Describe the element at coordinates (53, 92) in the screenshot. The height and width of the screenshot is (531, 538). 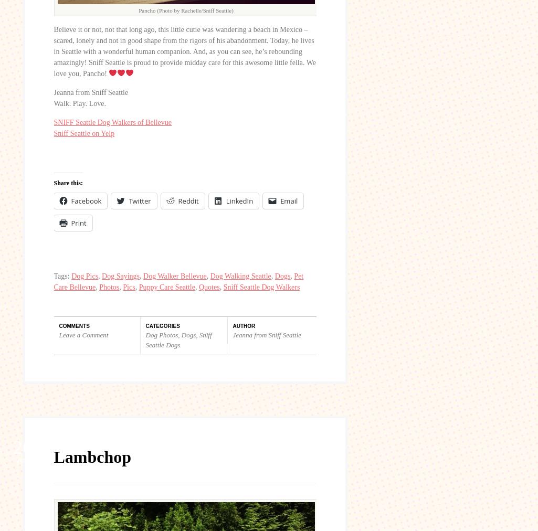
I see `'Jeanna from Sniff Seattle'` at that location.